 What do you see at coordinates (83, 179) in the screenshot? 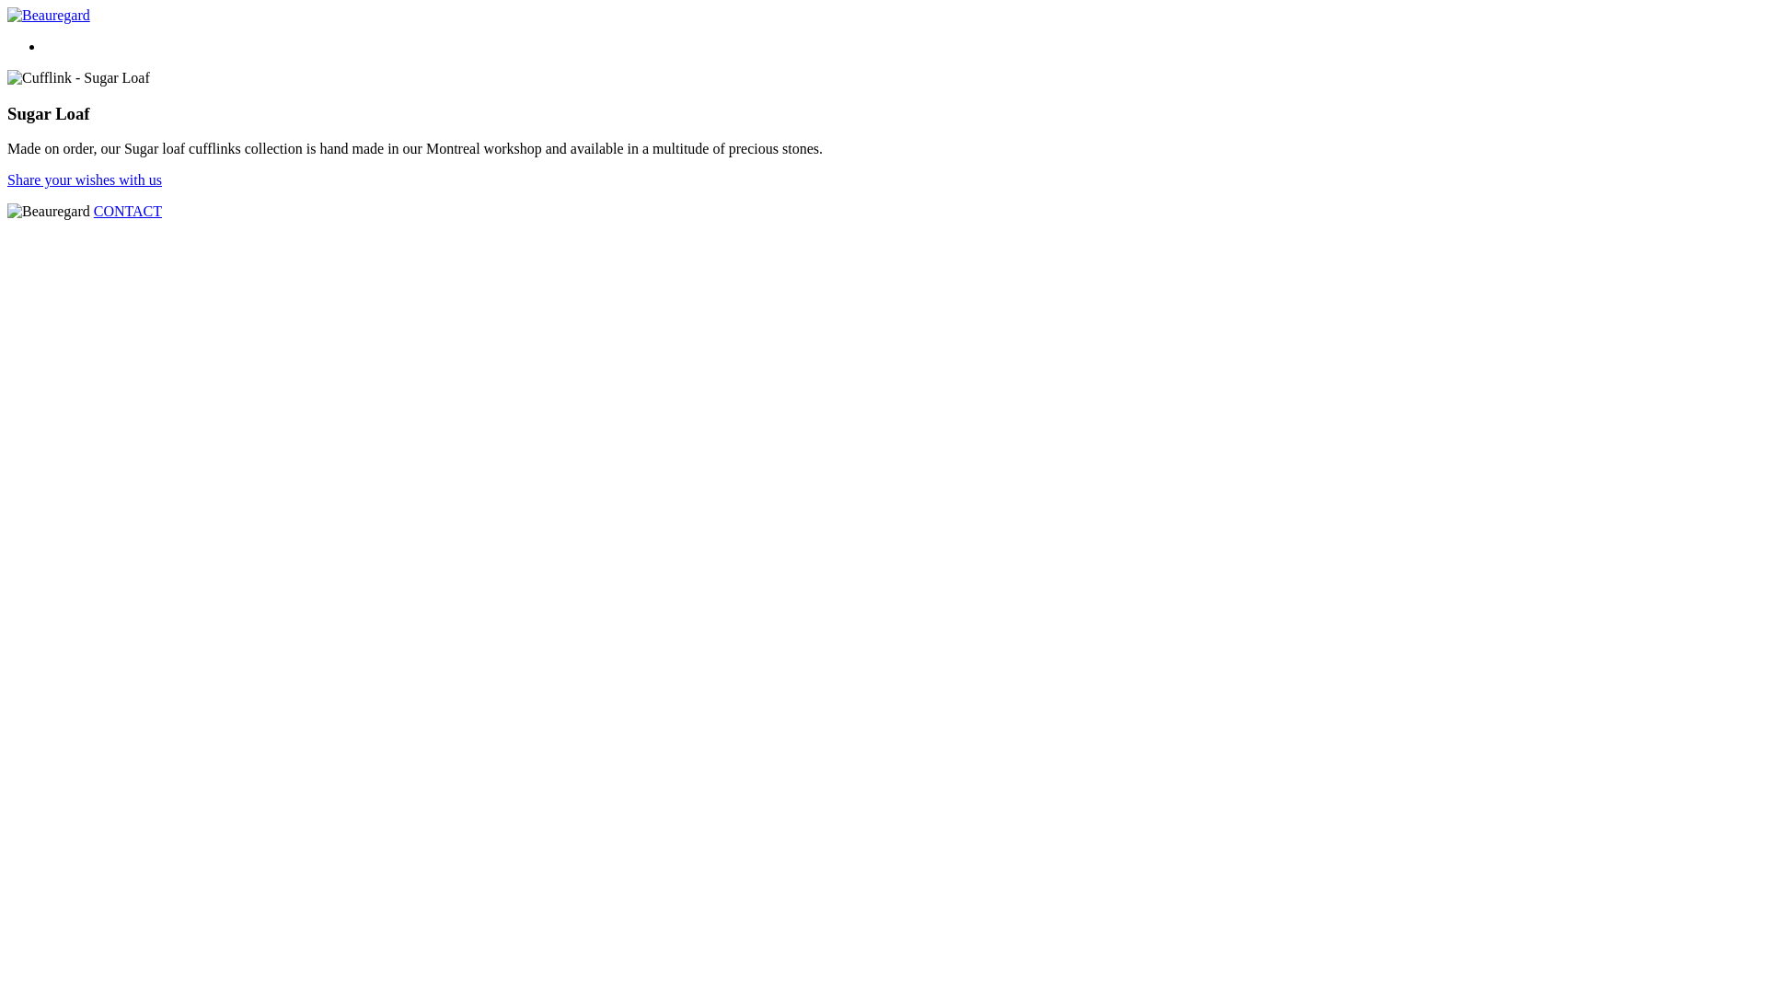
I see `'Share your wishes with us'` at bounding box center [83, 179].